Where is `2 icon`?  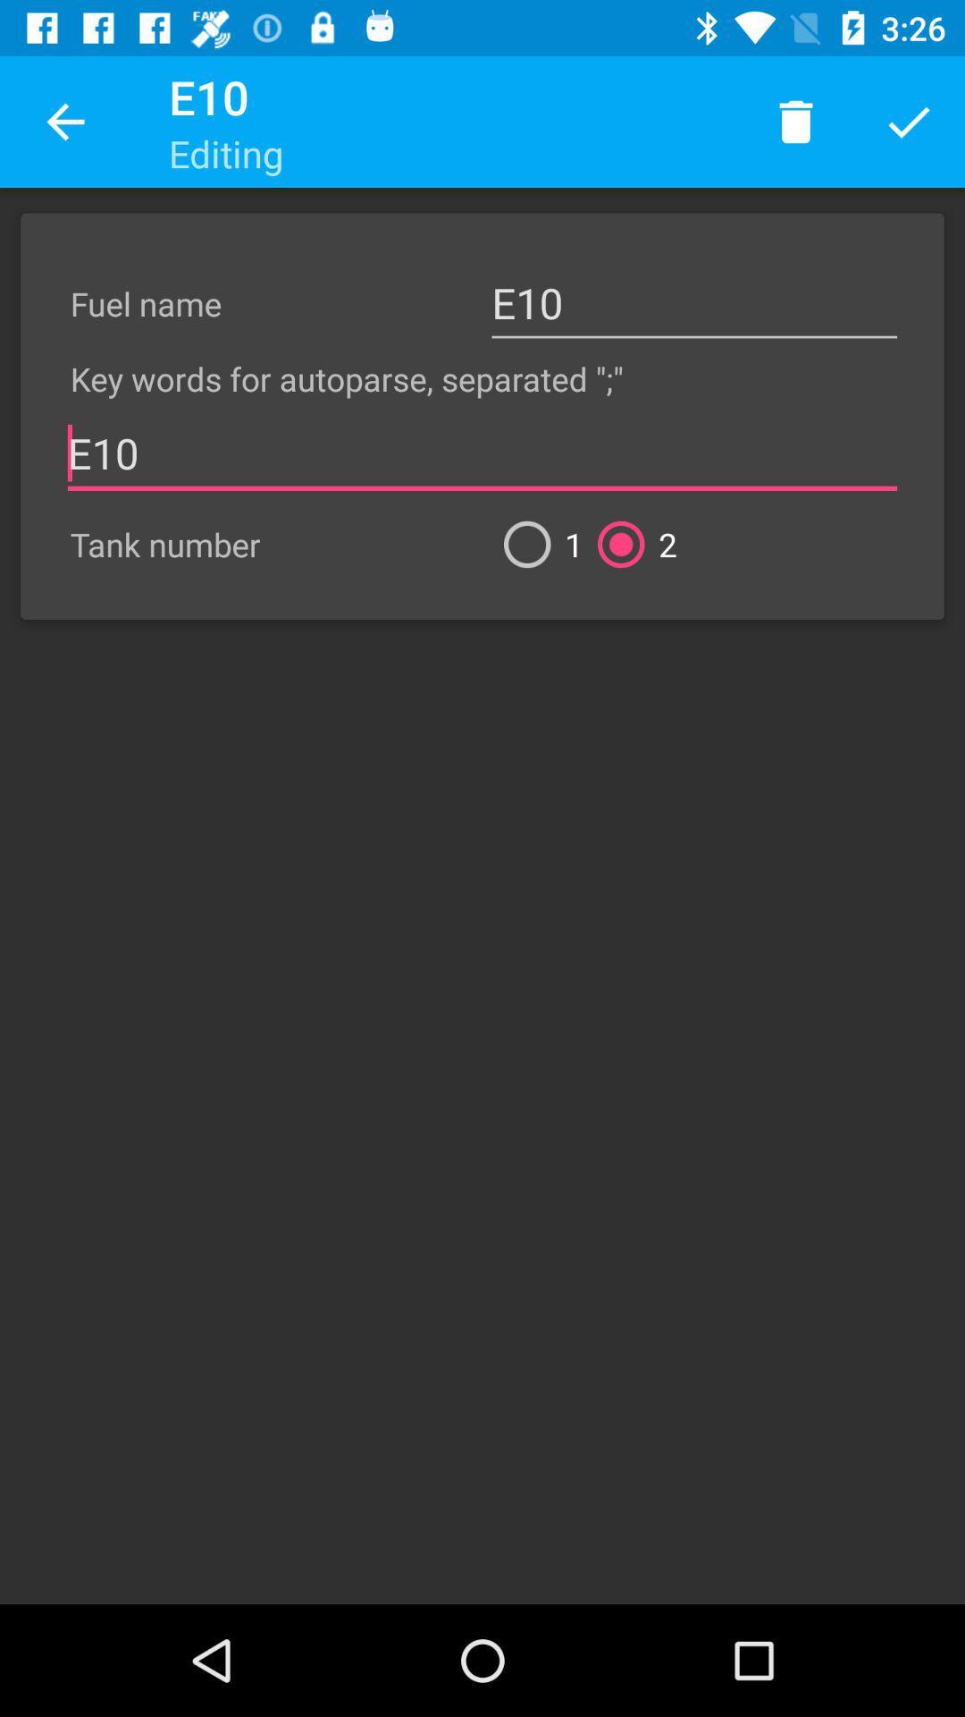
2 icon is located at coordinates (629, 544).